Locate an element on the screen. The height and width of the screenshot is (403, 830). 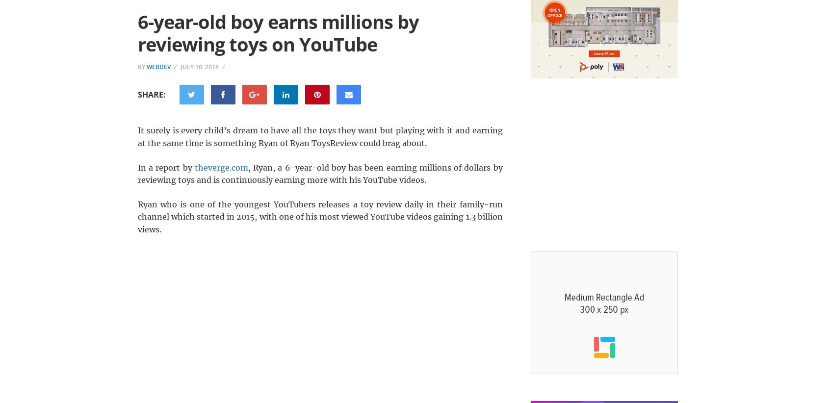
'by' is located at coordinates (142, 67).